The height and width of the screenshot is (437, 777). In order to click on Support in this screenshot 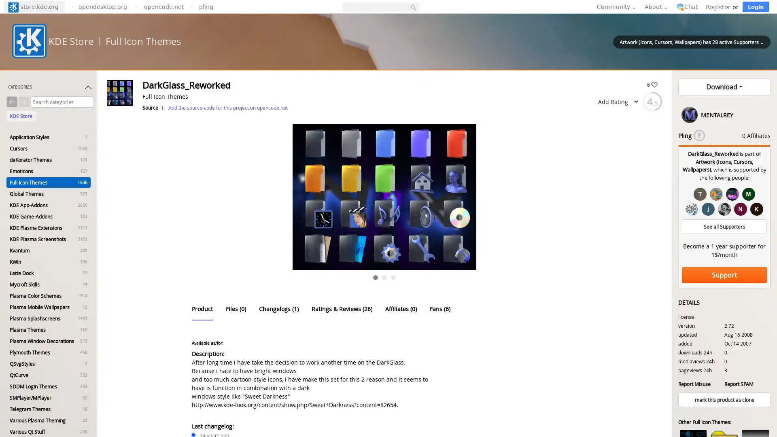, I will do `click(724, 274)`.